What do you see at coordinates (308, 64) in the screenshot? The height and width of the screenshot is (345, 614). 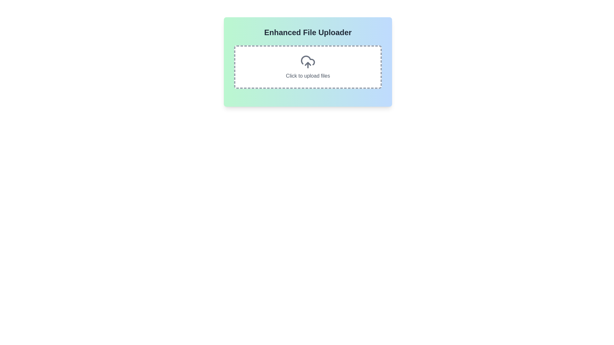 I see `the upward-pointing arrow part of the cloud upload icon, which is centrally located within a card-like interface and positioned above the 'Click to upload files' text` at bounding box center [308, 64].